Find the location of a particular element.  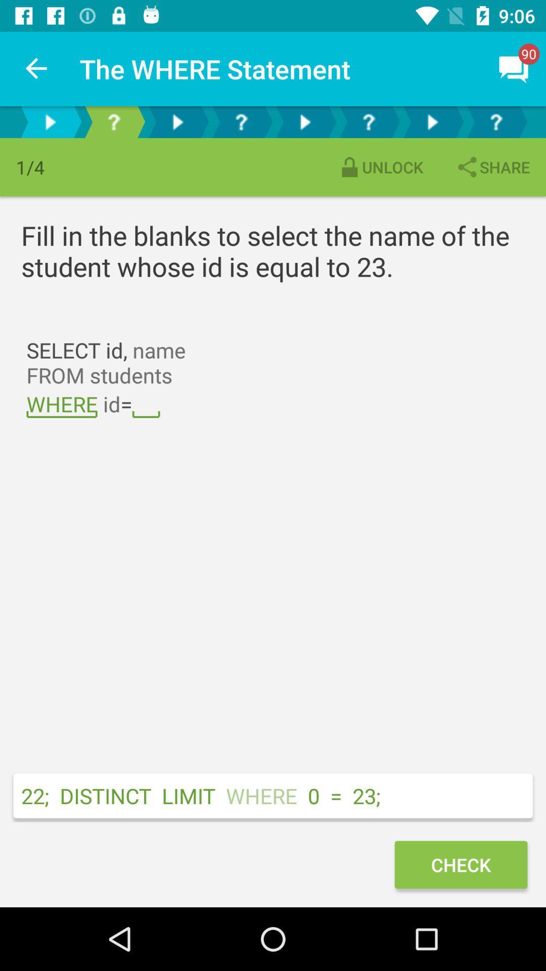

ask a question is located at coordinates (369, 121).